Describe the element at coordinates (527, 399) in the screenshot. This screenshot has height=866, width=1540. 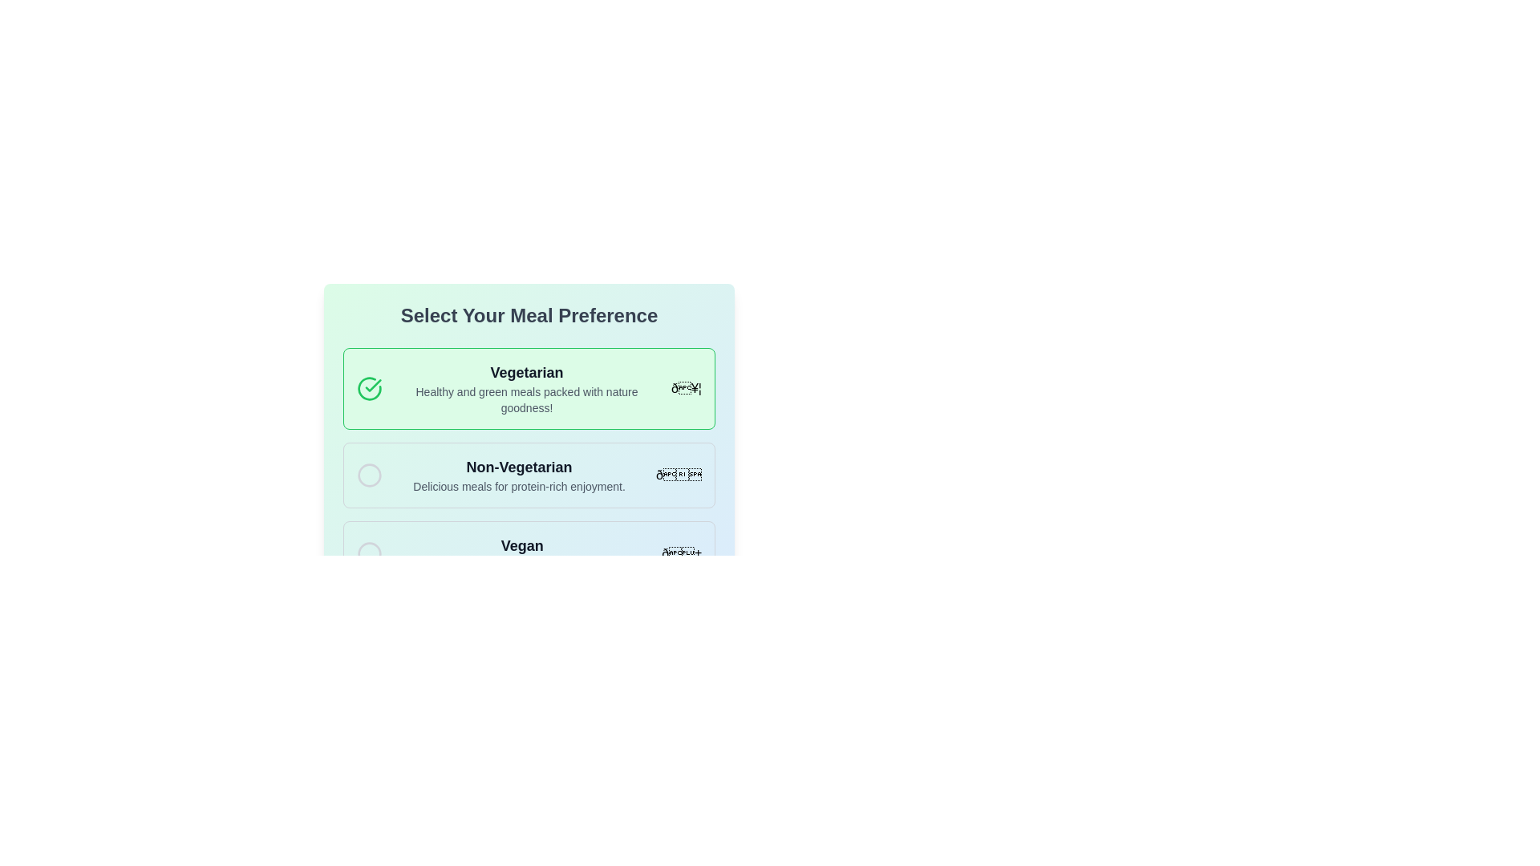
I see `the text label providing supplementary information for the 'Vegetarian' meal option, located below the 'Vegetarian' subtitle in the meal preference selection interface` at that location.